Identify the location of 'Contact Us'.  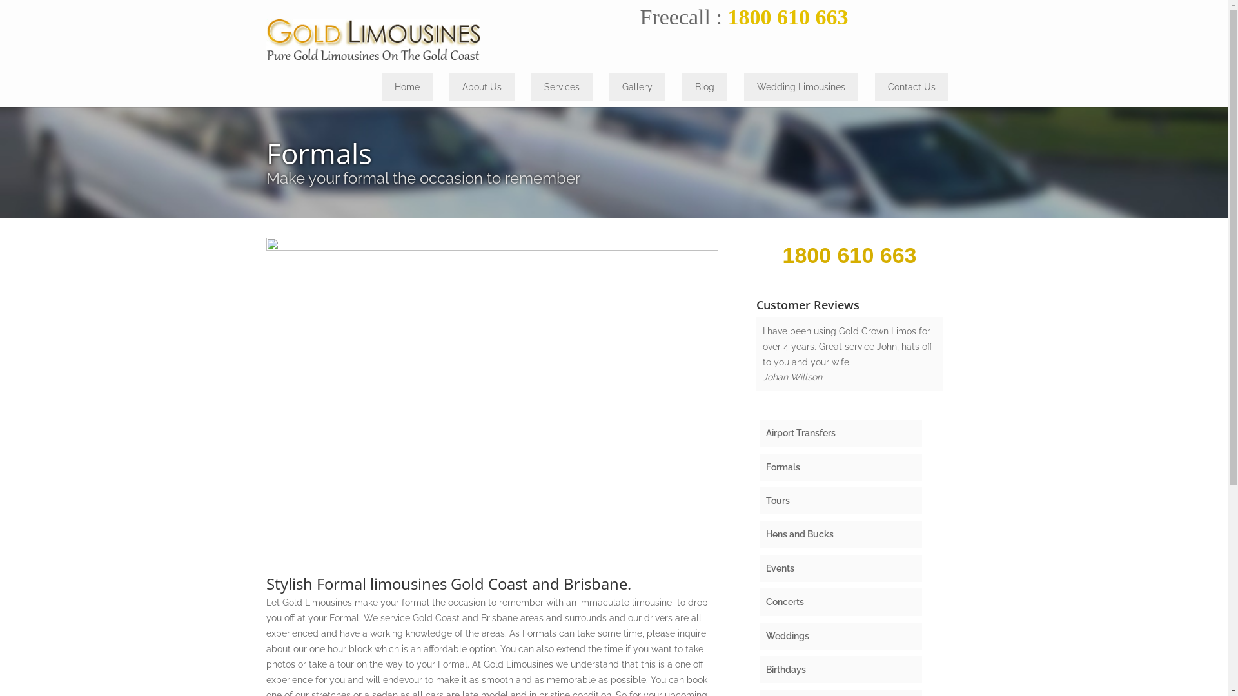
(910, 87).